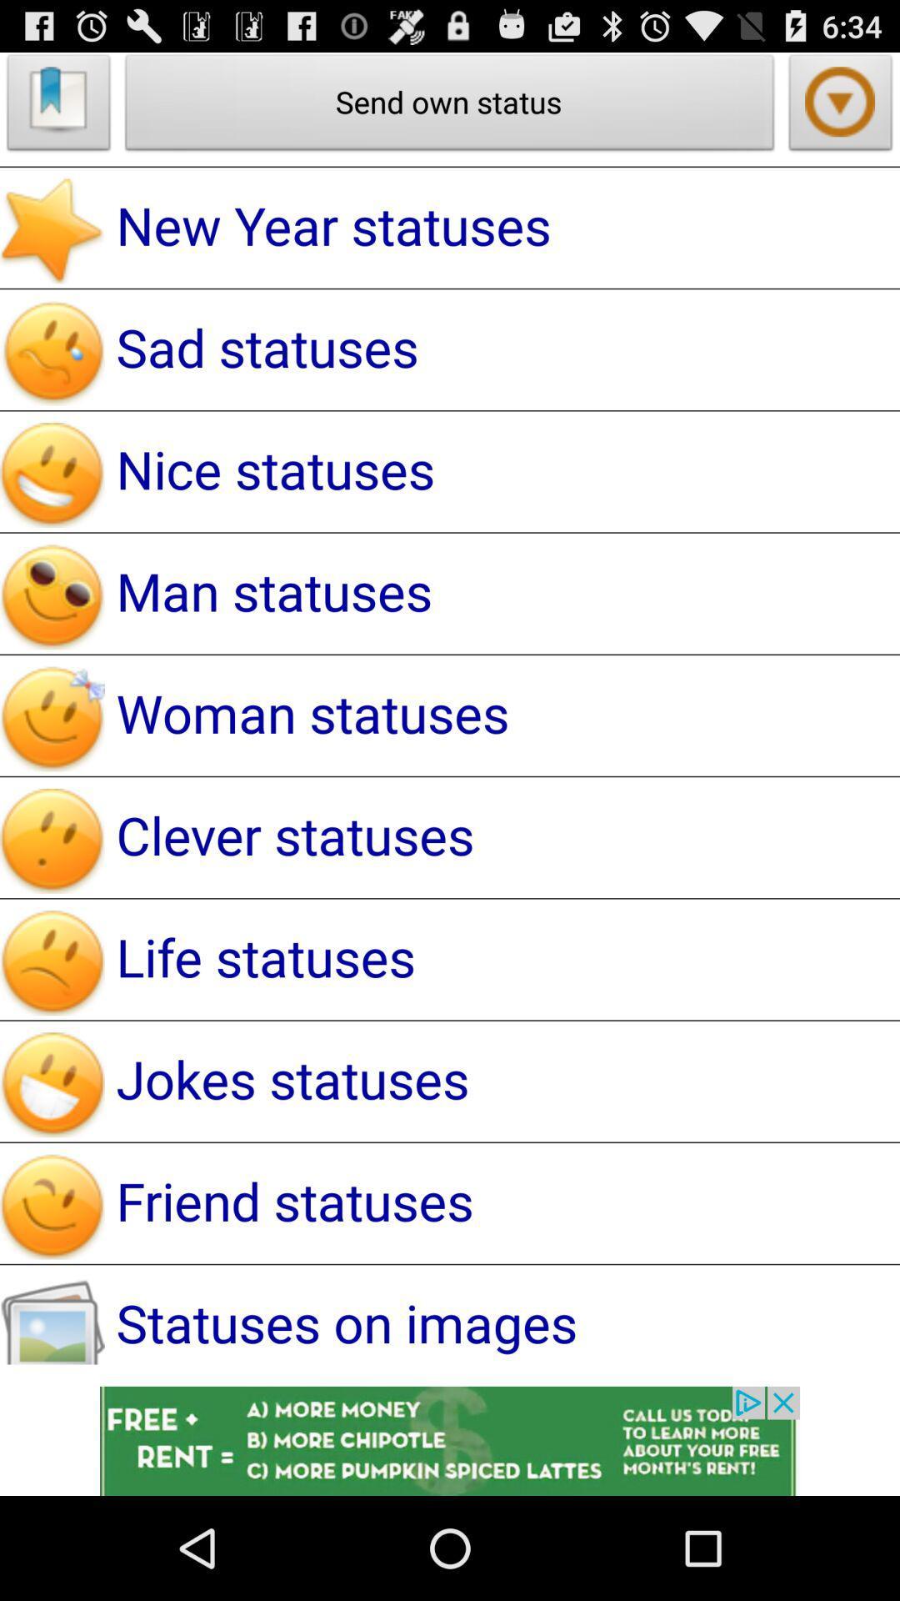 This screenshot has height=1601, width=900. Describe the element at coordinates (841, 106) in the screenshot. I see `play symbol which is below 634` at that location.